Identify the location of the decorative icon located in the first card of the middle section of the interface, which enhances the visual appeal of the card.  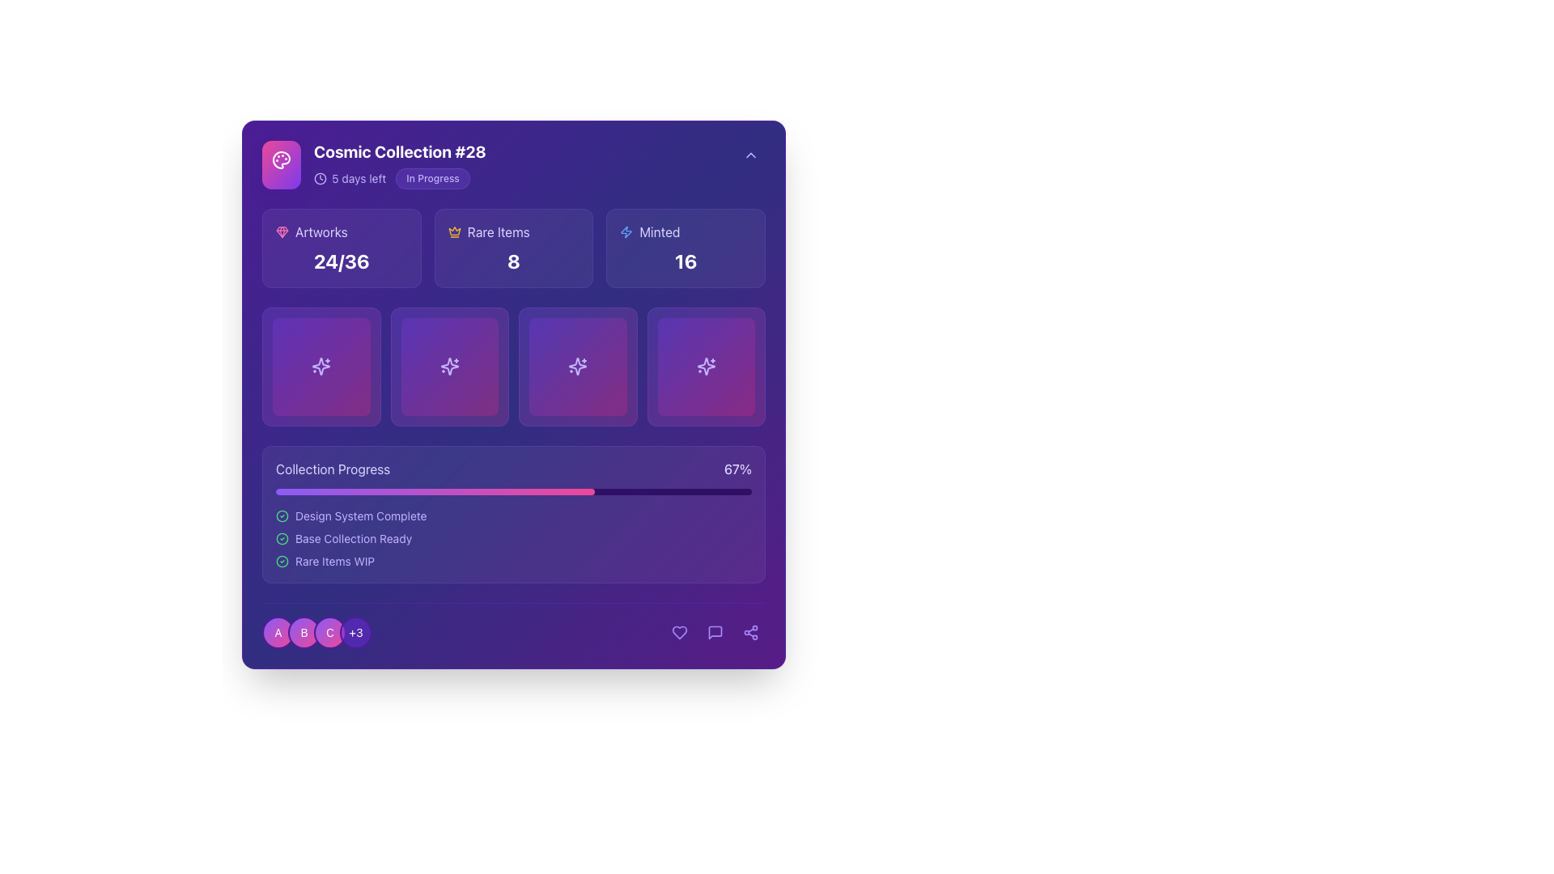
(321, 367).